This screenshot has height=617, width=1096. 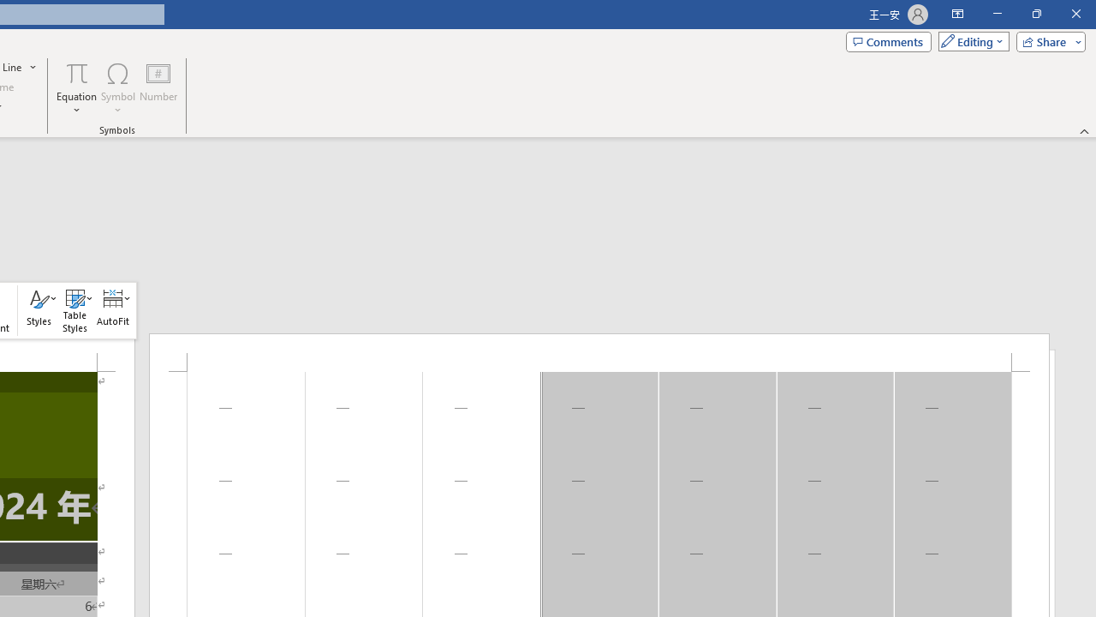 What do you see at coordinates (158, 88) in the screenshot?
I see `'Number...'` at bounding box center [158, 88].